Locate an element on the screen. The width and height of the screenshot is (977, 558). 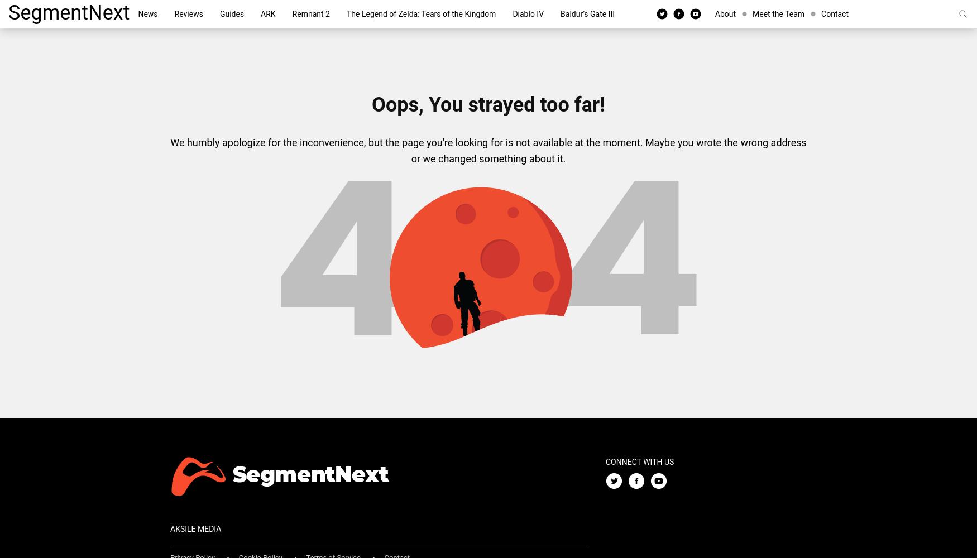
'Diablo IV' is located at coordinates (528, 14).